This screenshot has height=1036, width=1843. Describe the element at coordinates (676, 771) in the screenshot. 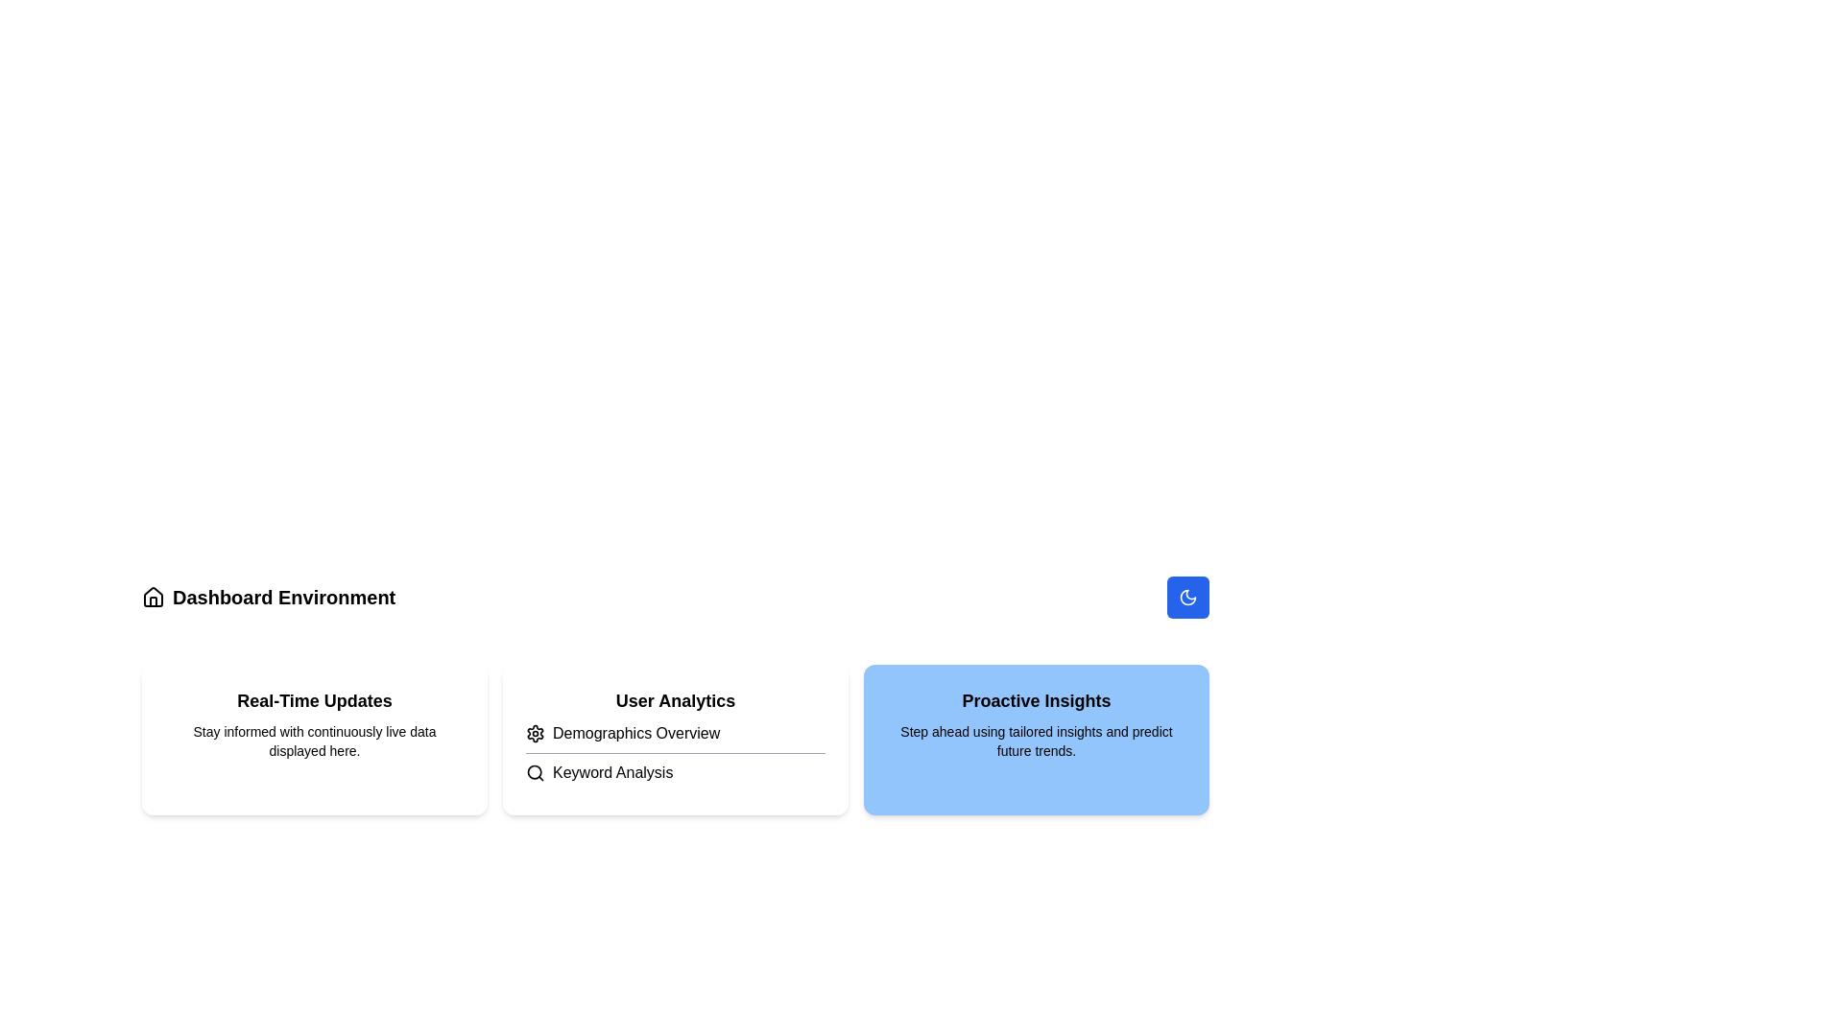

I see `the navigational link located in the 'User Analytics' section, immediately below the 'Demographics Overview' item` at that location.